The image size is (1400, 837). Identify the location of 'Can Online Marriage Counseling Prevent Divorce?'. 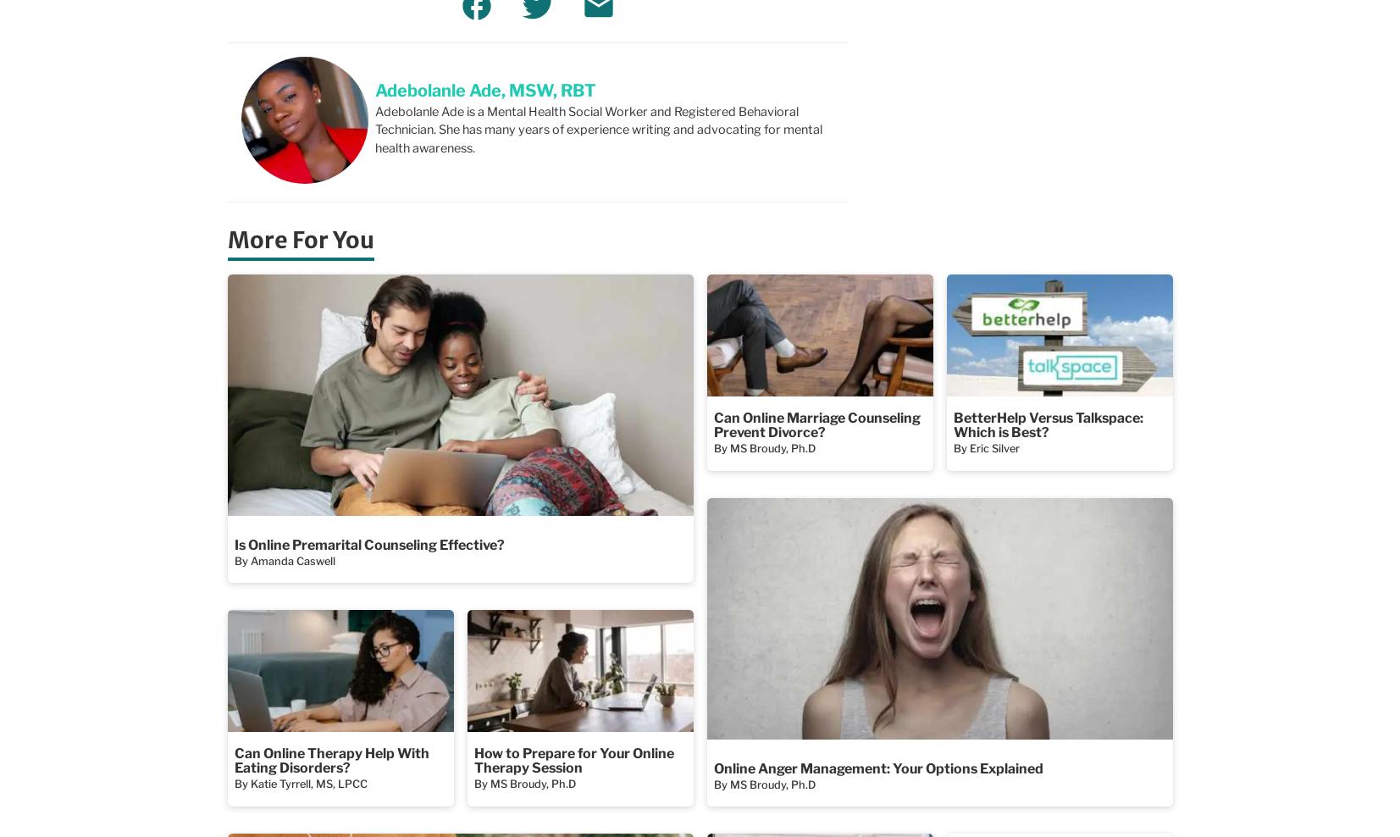
(816, 424).